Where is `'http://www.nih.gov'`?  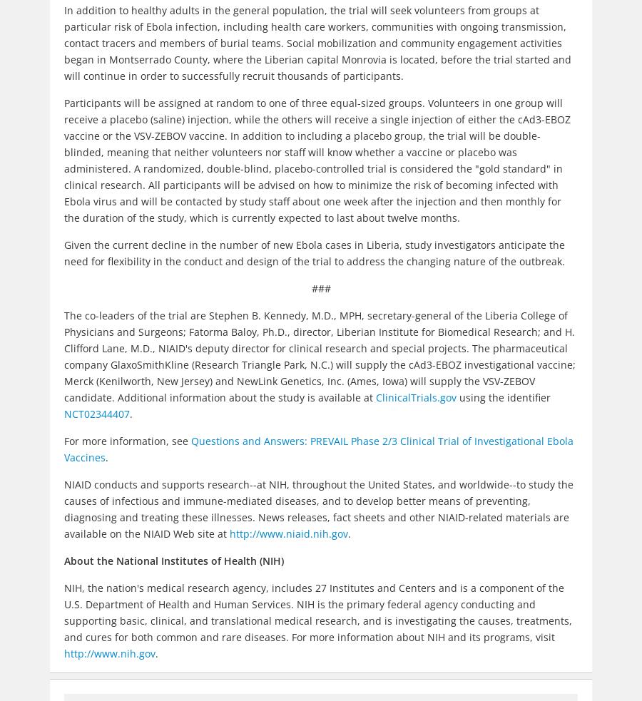
'http://www.nih.gov' is located at coordinates (63, 653).